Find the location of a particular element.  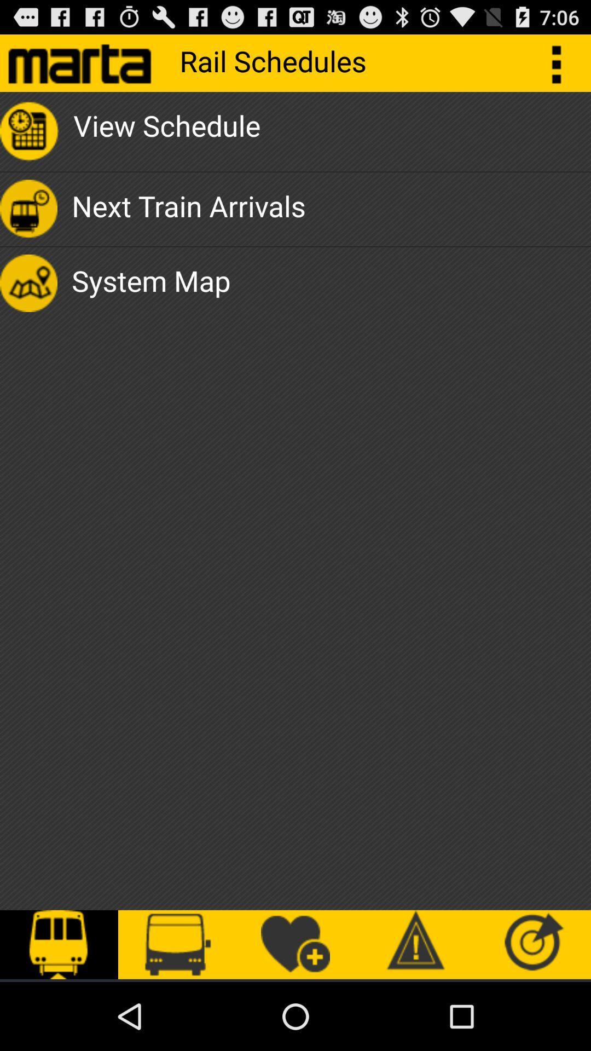

the bottom left icon is located at coordinates (59, 944).